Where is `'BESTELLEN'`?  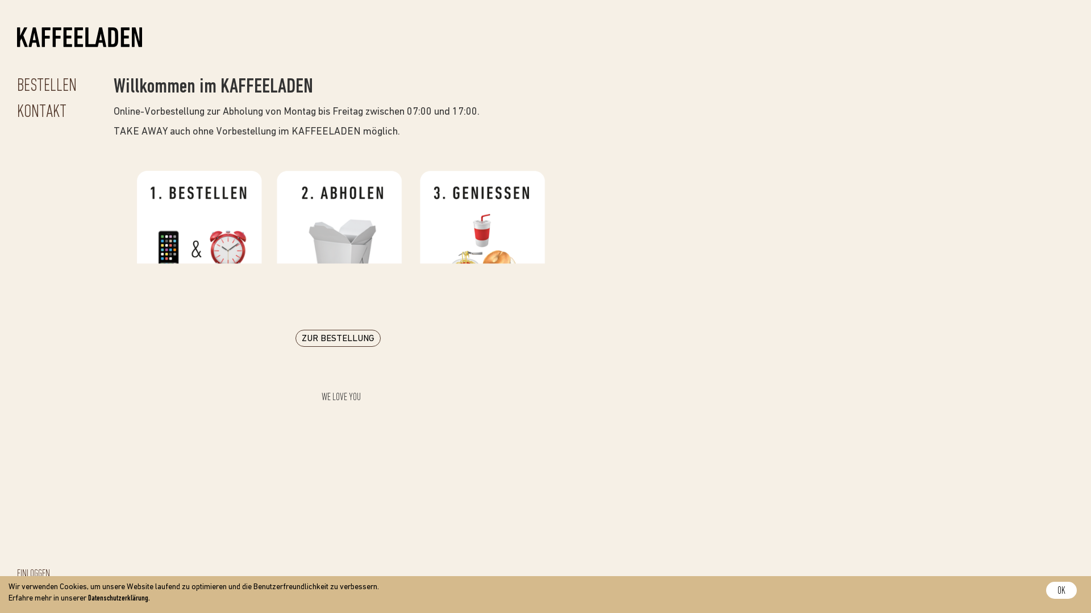 'BESTELLEN' is located at coordinates (46, 85).